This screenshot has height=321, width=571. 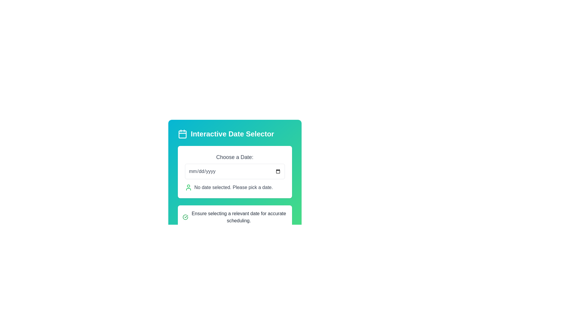 What do you see at coordinates (182, 134) in the screenshot?
I see `the central square background element of the calendar icon, which is located near the top-left corner of the interface, above the 'Interactive Date Selector' module` at bounding box center [182, 134].